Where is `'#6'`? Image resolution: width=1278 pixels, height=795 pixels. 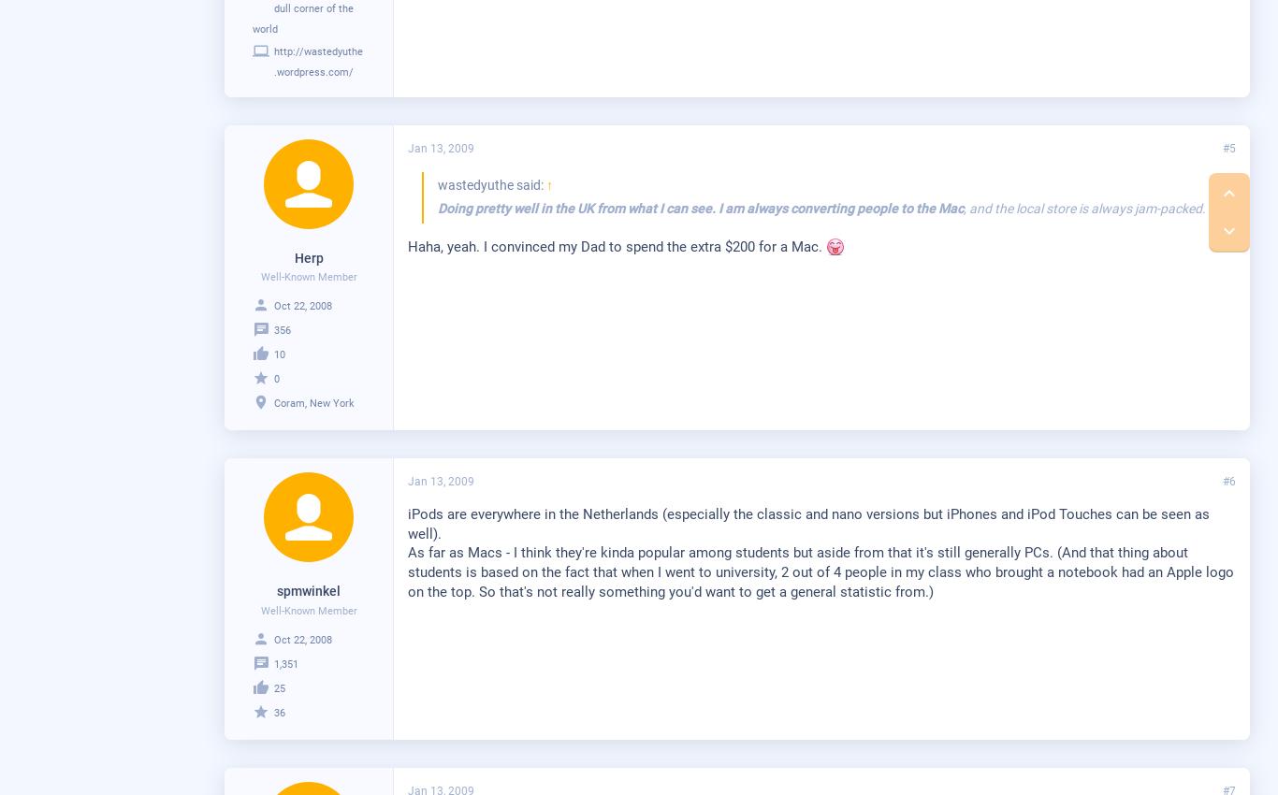 '#6' is located at coordinates (1227, 481).